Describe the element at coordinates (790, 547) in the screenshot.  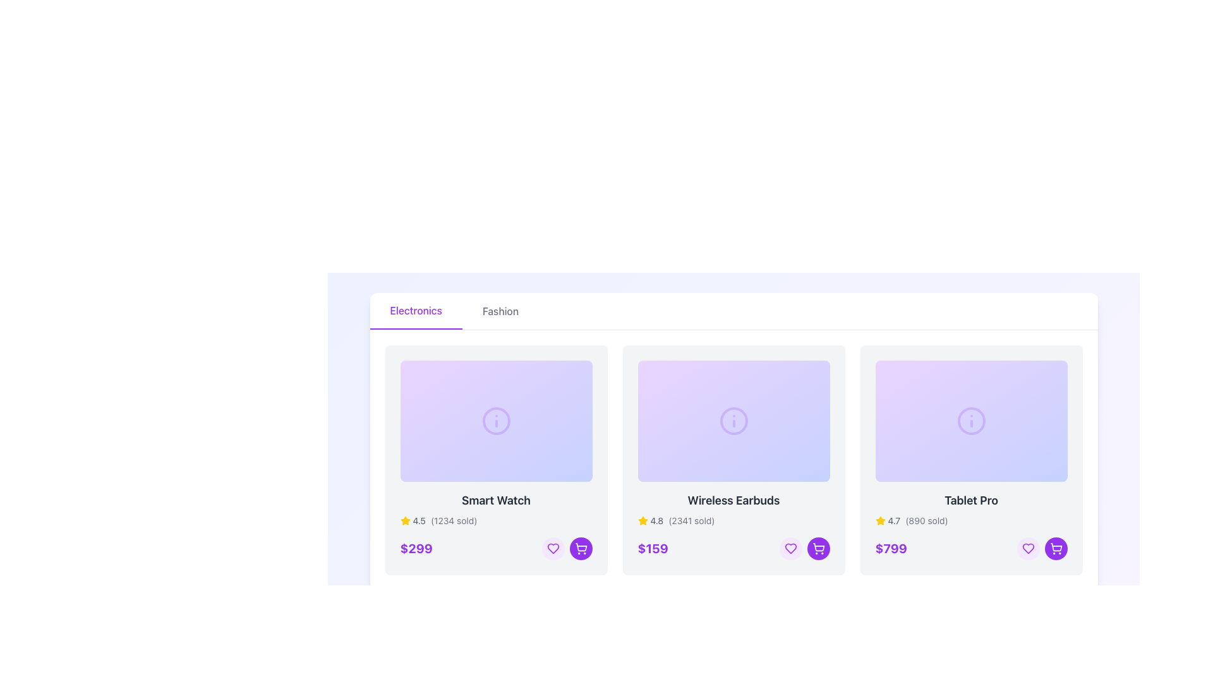
I see `the button located in the bottom-right section of the Wireless Earbuds item card` at that location.